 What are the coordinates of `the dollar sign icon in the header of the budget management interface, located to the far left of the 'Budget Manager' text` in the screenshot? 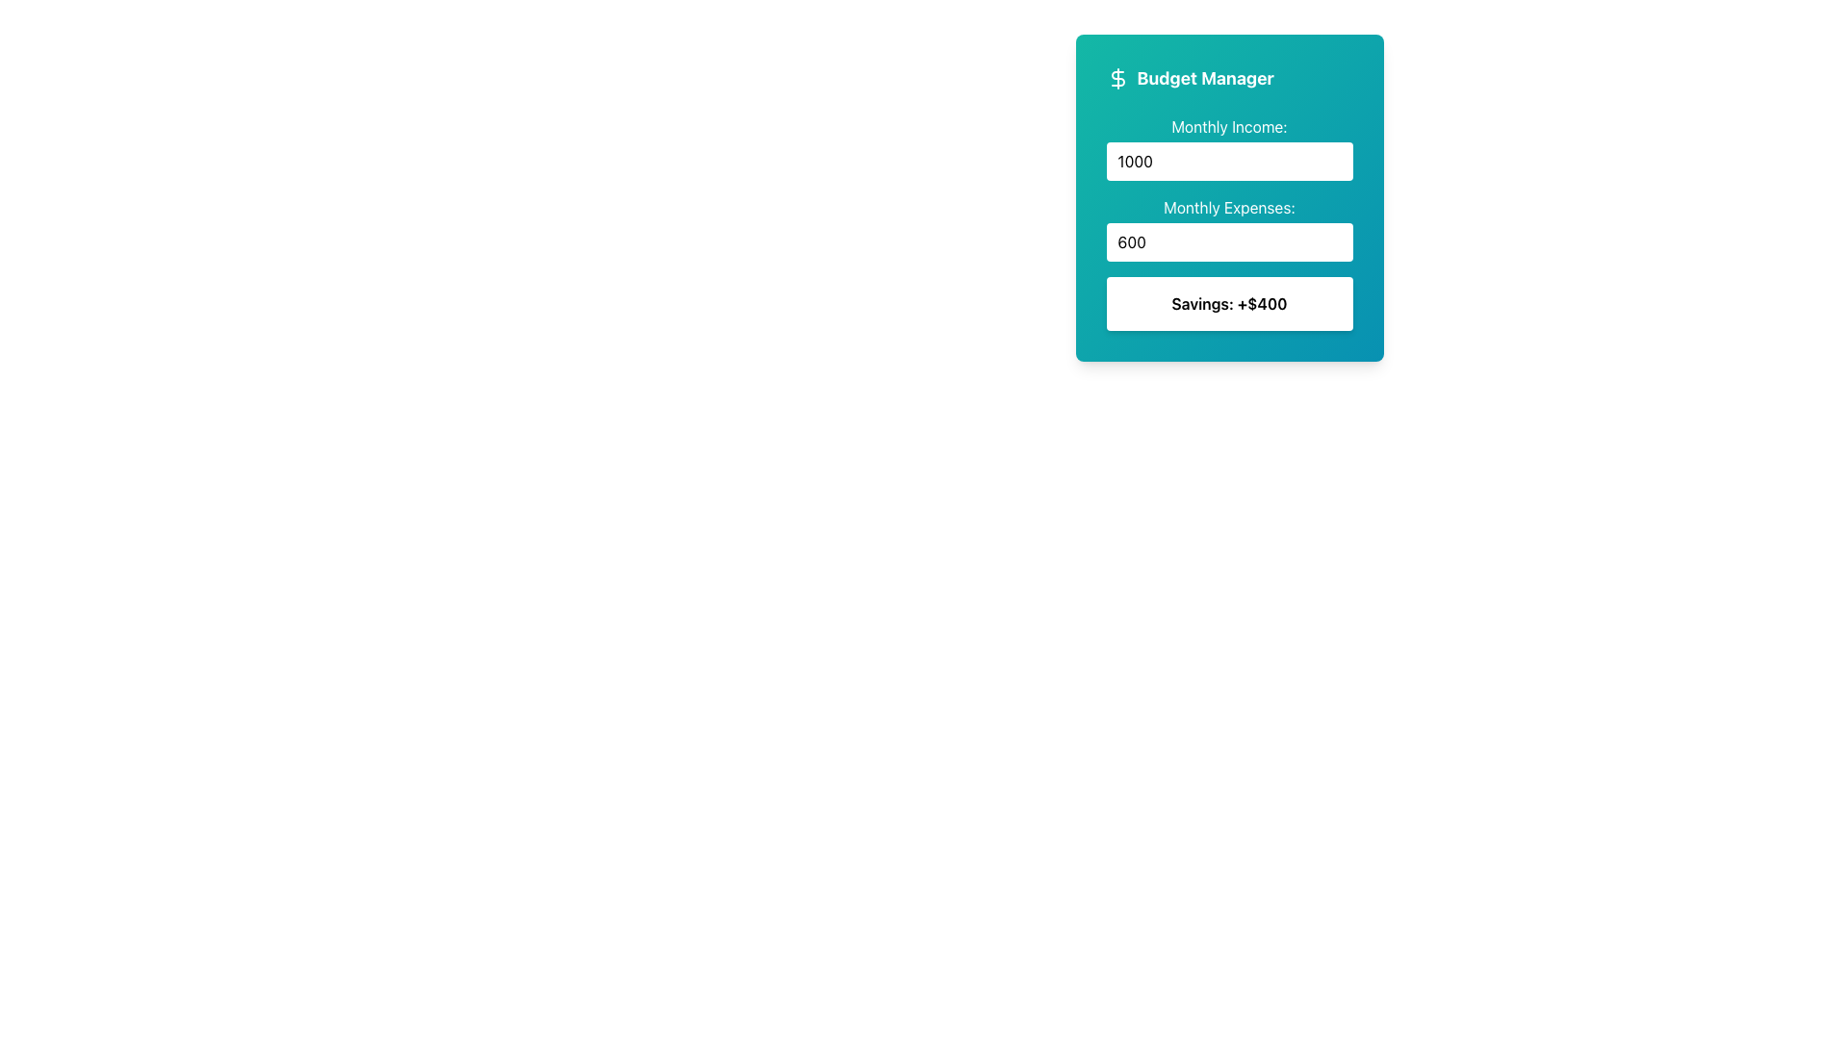 It's located at (1117, 77).